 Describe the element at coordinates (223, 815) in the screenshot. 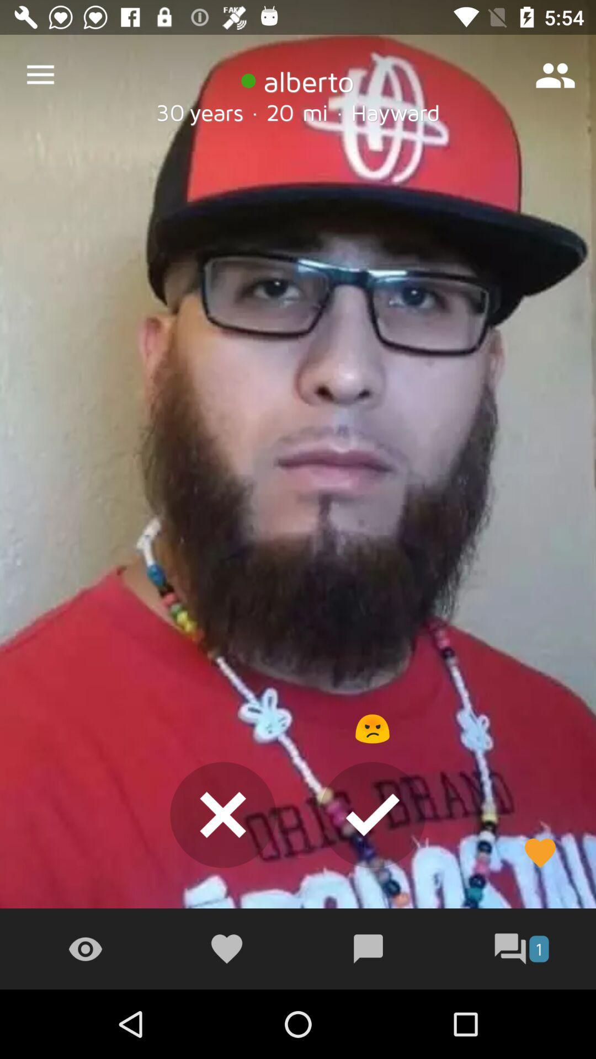

I see `the close icon` at that location.